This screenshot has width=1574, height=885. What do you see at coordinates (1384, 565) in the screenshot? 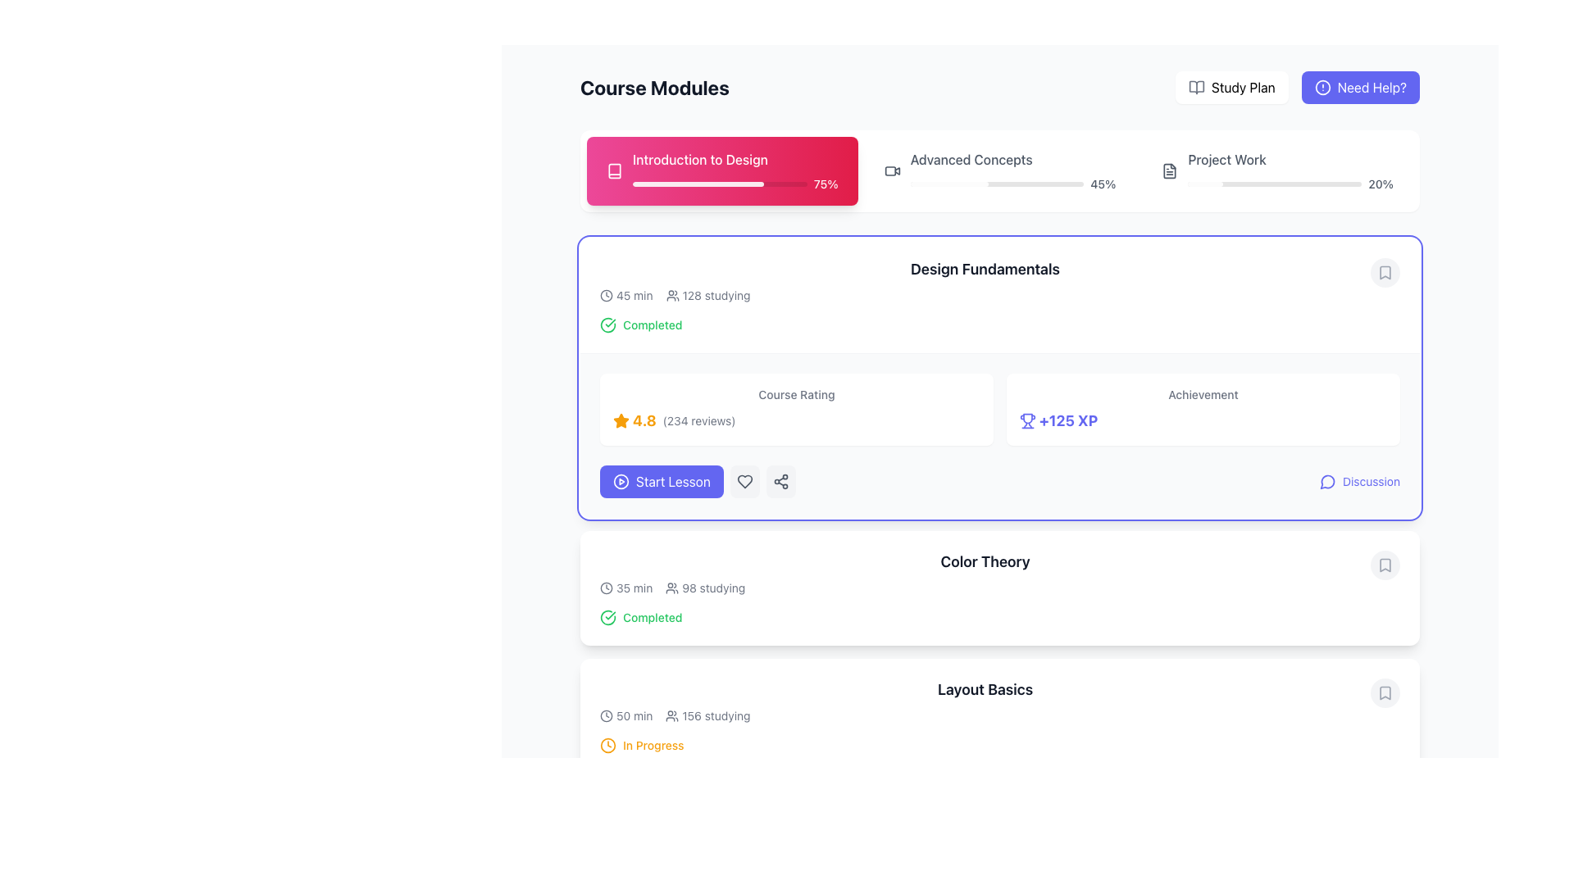
I see `the button located in the top-right corner of the 'Color Theory' section` at bounding box center [1384, 565].